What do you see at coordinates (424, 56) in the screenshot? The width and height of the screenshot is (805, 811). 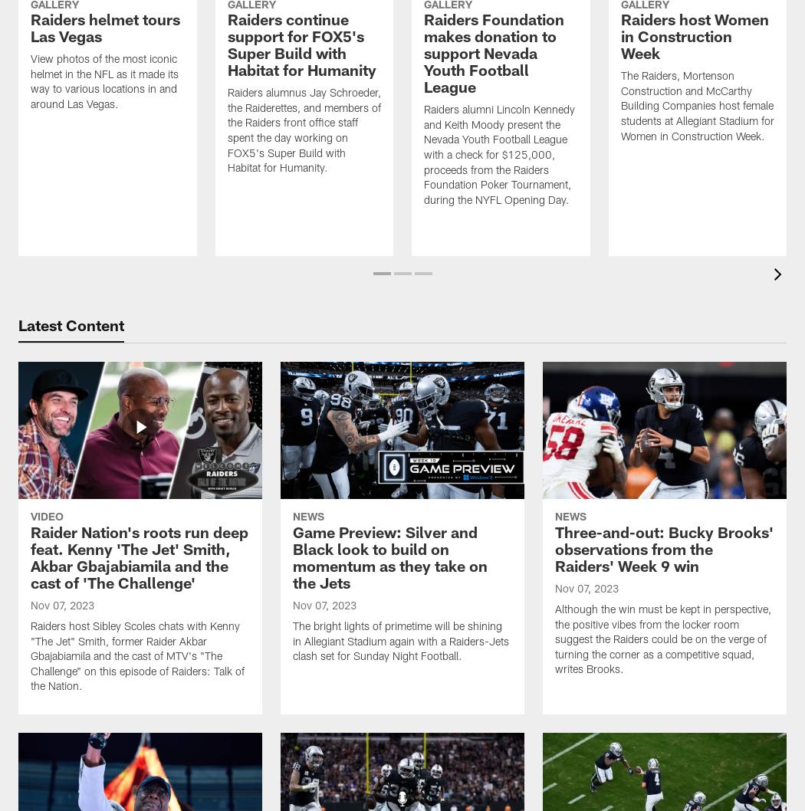 I see `'Raiders Foundation makes donation to support Nevada Youth Football League'` at bounding box center [424, 56].